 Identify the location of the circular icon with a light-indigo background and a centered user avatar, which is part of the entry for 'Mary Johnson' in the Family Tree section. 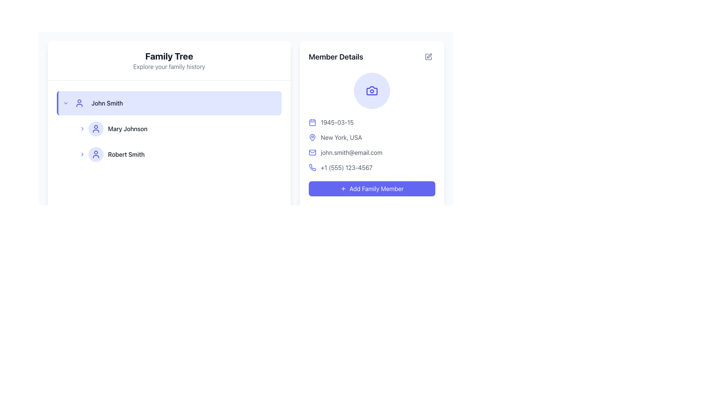
(95, 129).